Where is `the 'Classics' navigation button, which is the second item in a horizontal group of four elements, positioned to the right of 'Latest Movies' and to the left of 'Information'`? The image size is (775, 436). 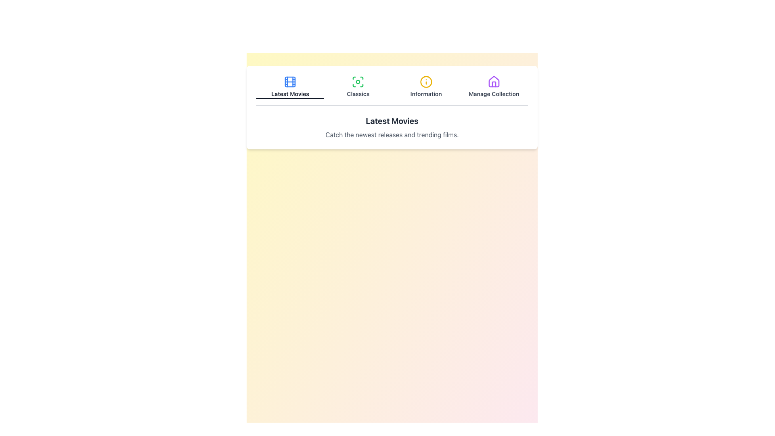 the 'Classics' navigation button, which is the second item in a horizontal group of four elements, positioned to the right of 'Latest Movies' and to the left of 'Information' is located at coordinates (358, 87).